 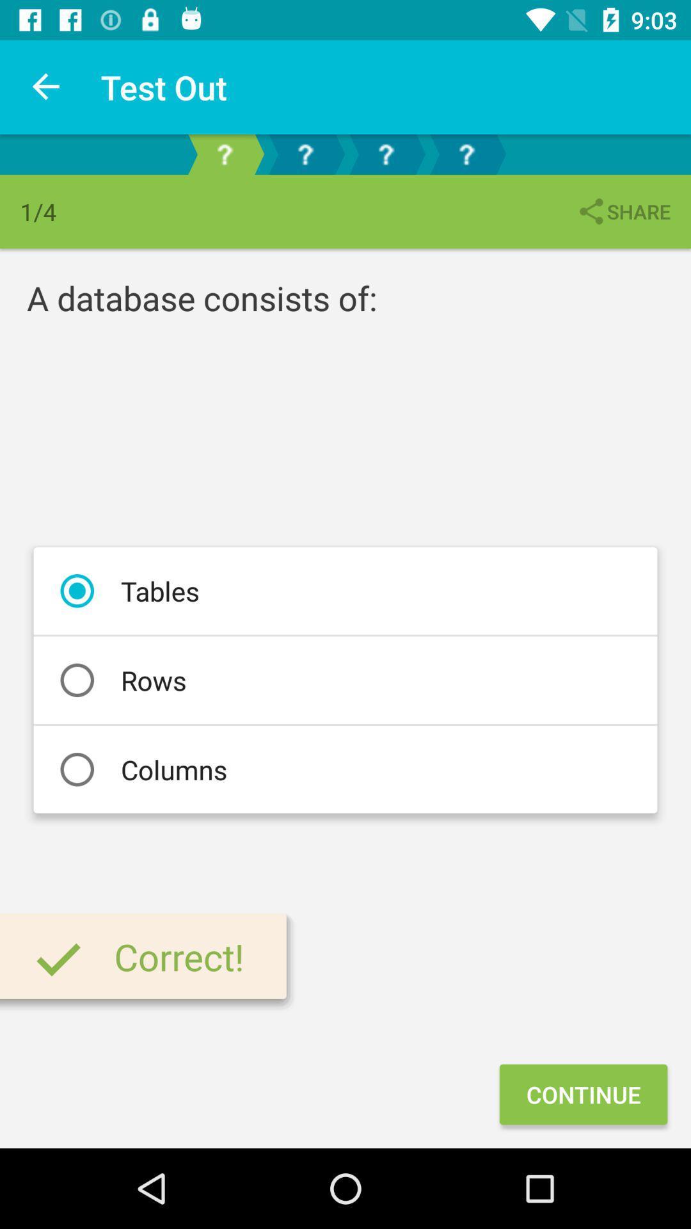 What do you see at coordinates (305, 154) in the screenshot?
I see `the help icon` at bounding box center [305, 154].